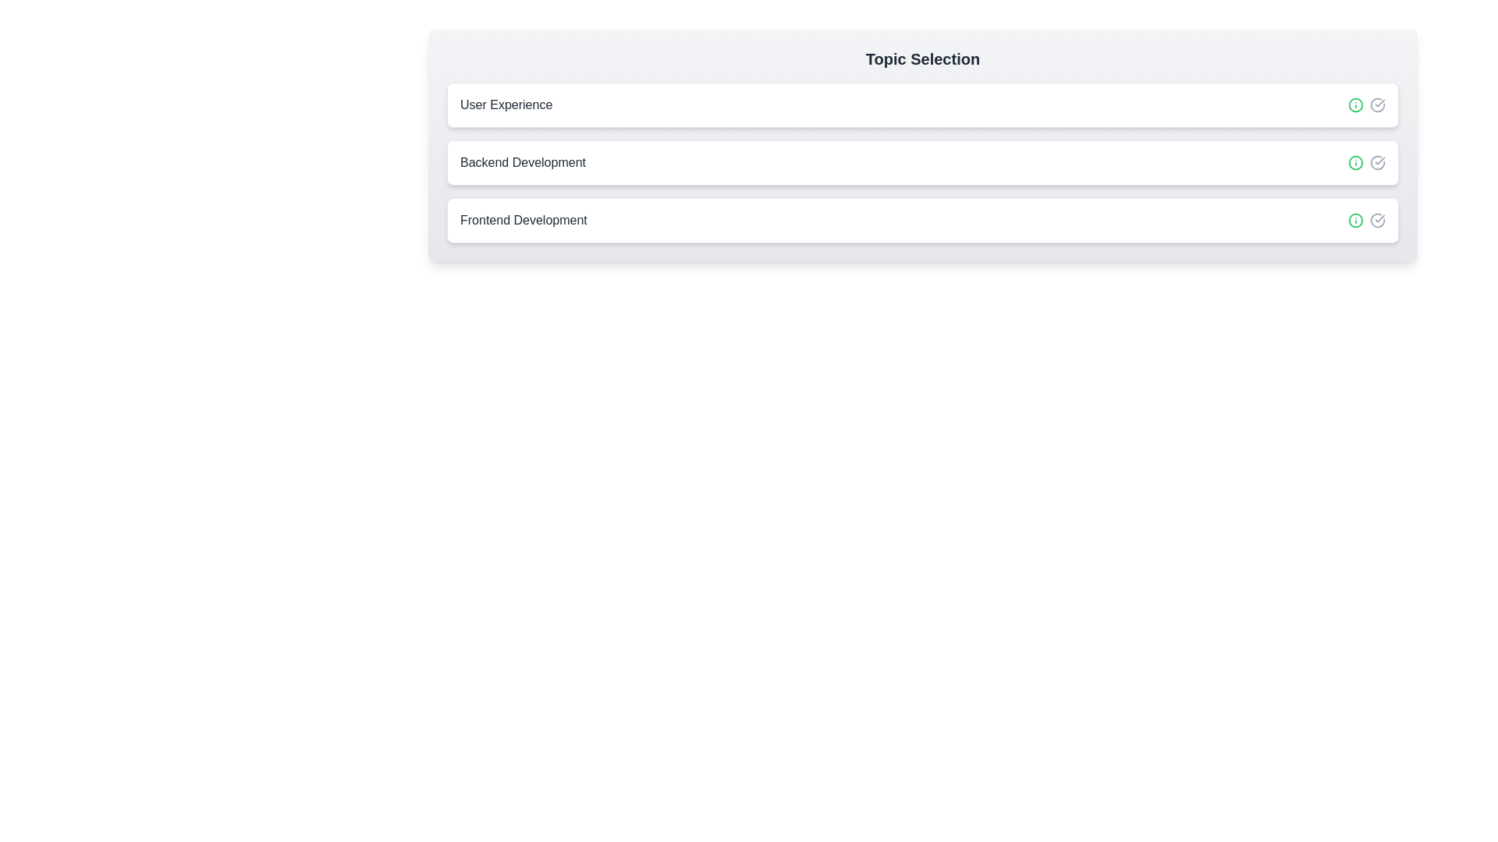 The width and height of the screenshot is (1498, 842). What do you see at coordinates (1354, 220) in the screenshot?
I see `the information icon of the chip labeled 'Frontend Development'` at bounding box center [1354, 220].